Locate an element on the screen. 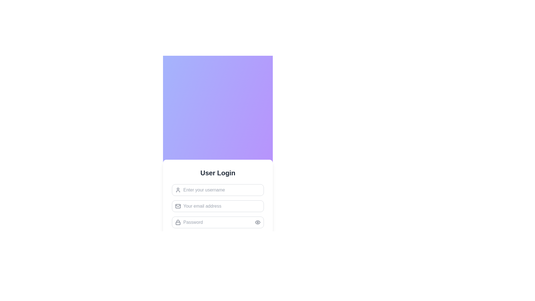  the eye icon located in the lower right corner of the 'User Login' panel is located at coordinates (257, 222).